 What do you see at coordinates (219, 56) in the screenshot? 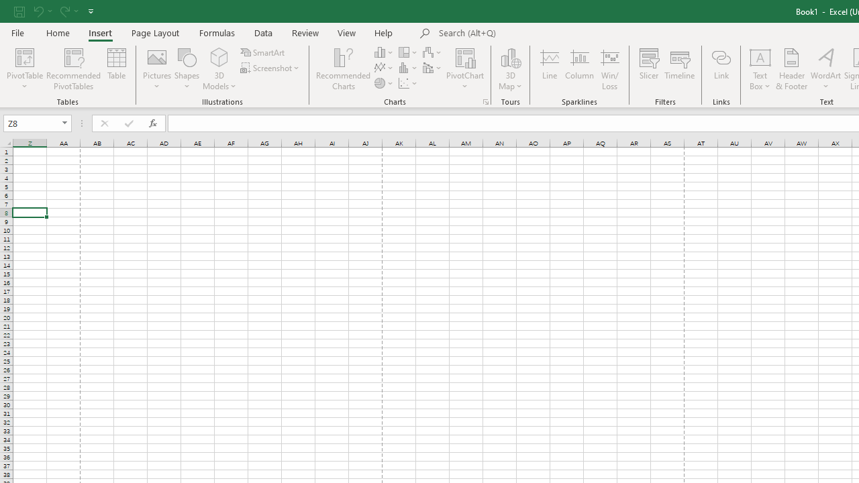
I see `'3D Models'` at bounding box center [219, 56].